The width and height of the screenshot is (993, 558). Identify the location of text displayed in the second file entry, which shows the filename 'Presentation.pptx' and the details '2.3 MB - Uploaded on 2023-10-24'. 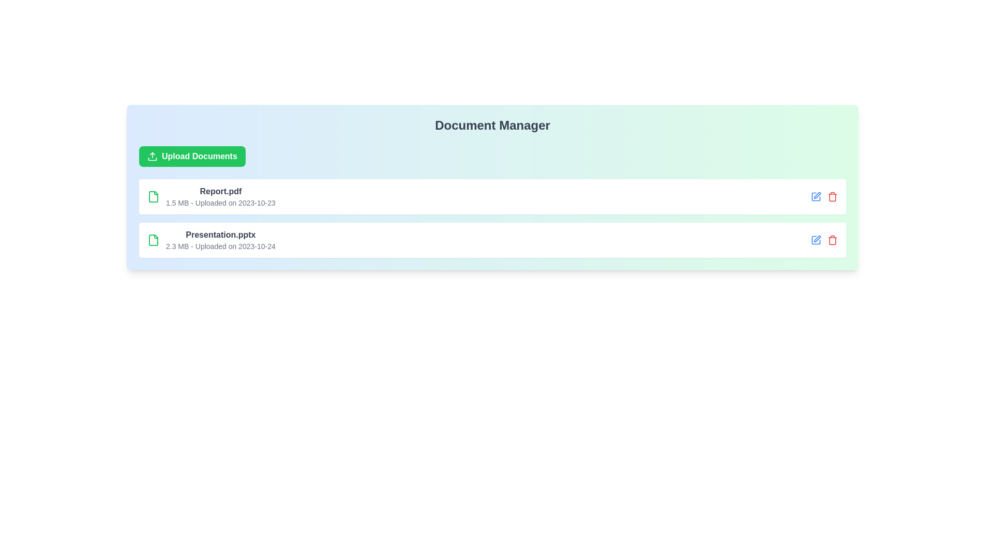
(220, 240).